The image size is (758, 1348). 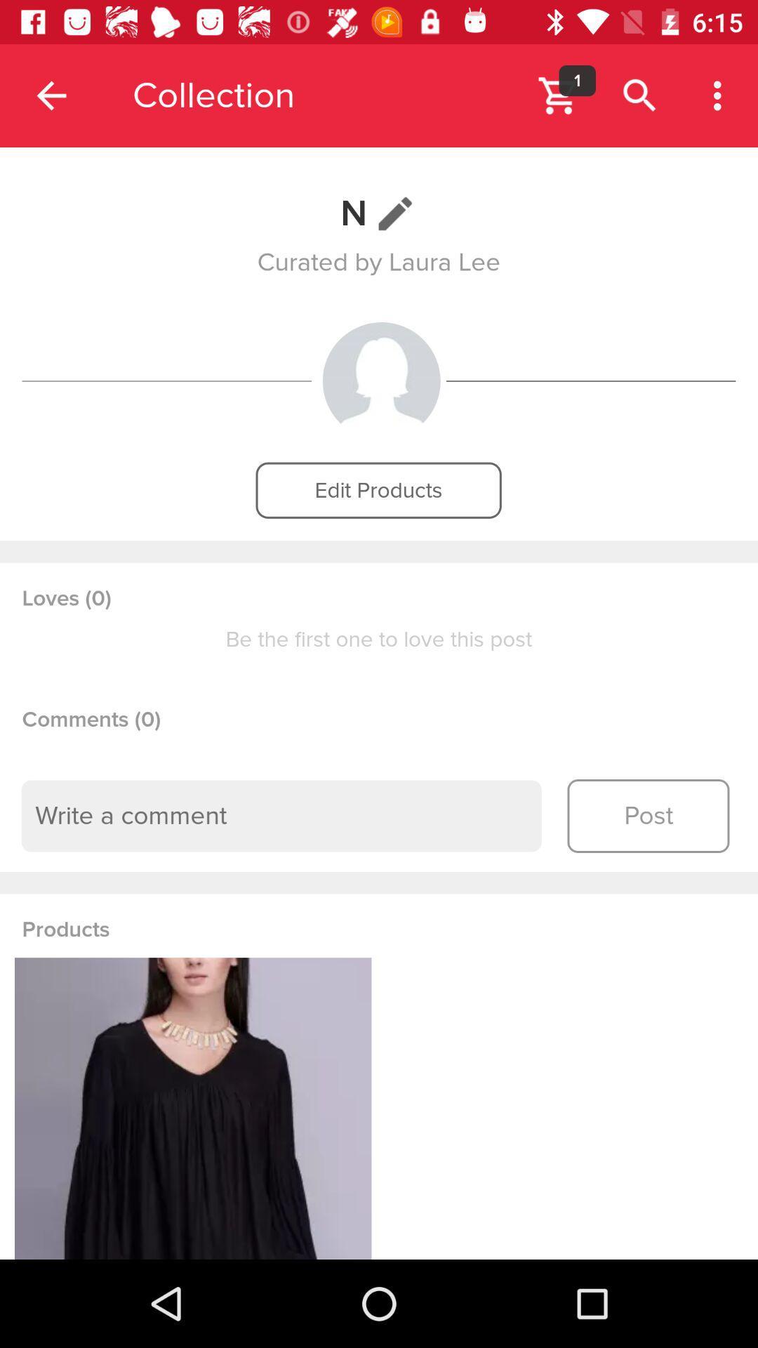 I want to click on the icon above the products item, so click(x=281, y=816).